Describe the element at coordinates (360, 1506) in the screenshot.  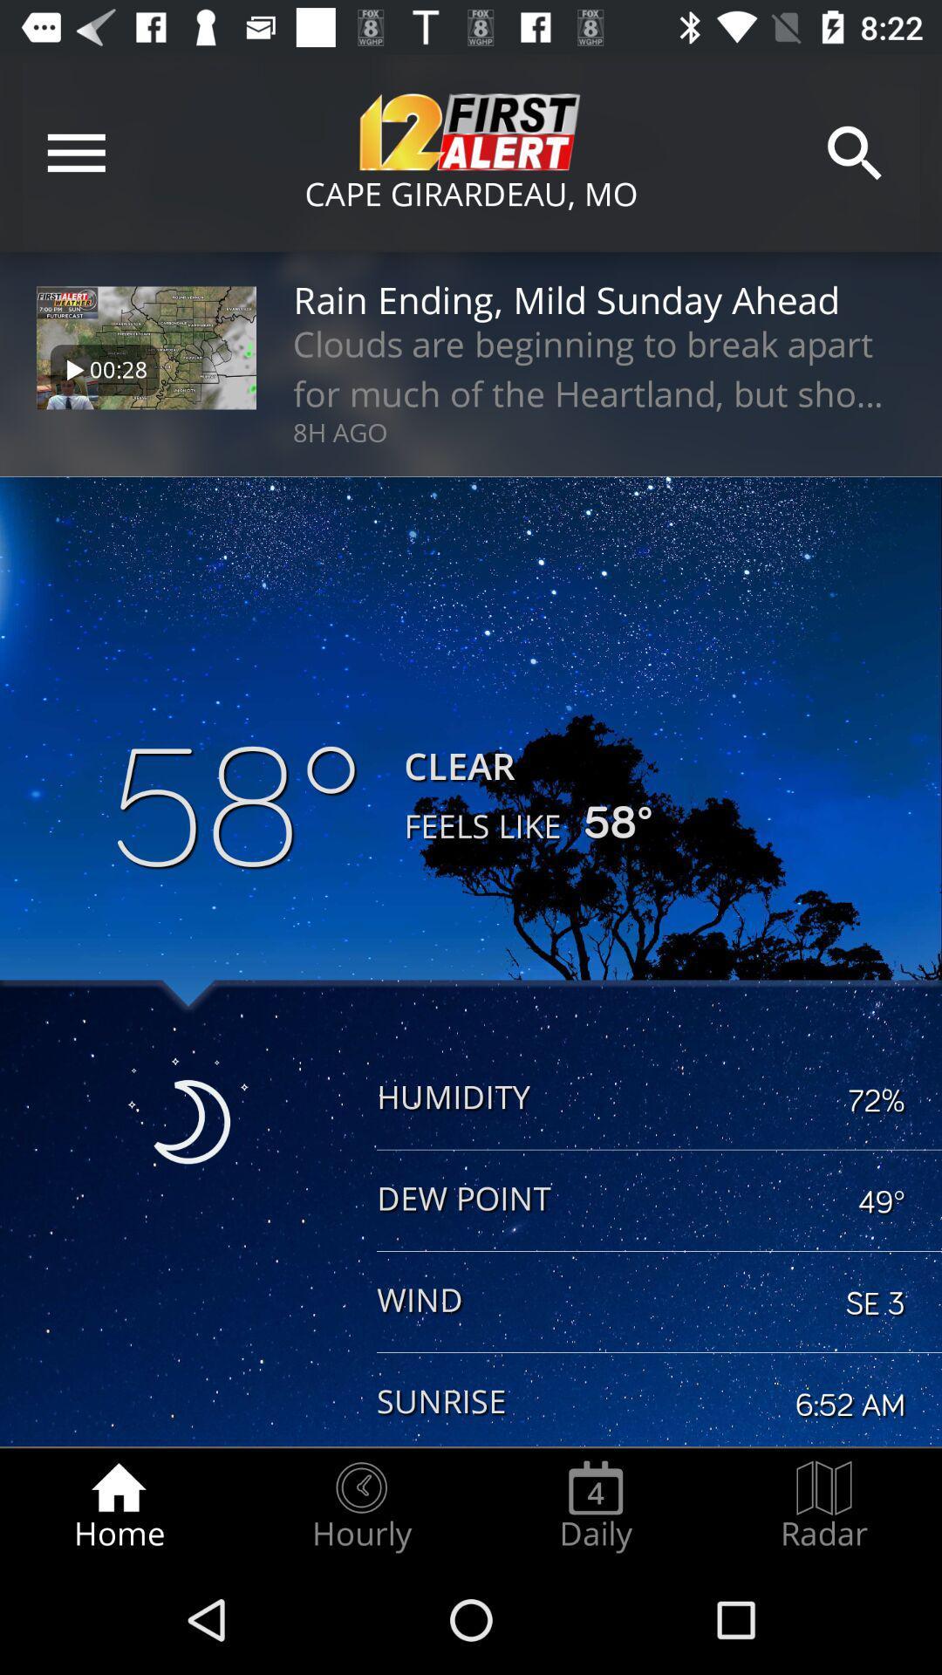
I see `icon to the left of the daily` at that location.